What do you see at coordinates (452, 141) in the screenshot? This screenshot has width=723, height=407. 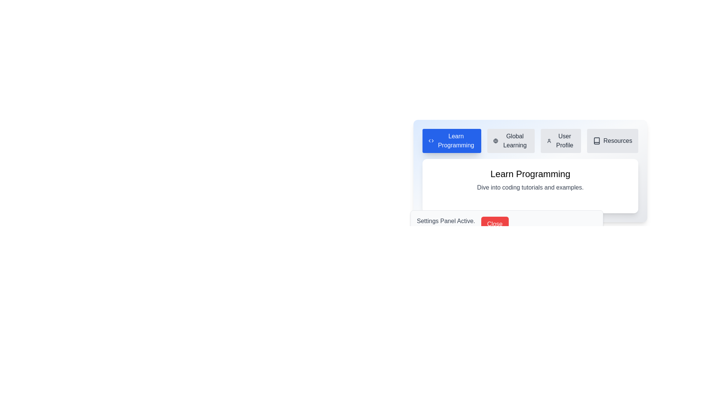 I see `the tab labeled Learn Programming to view its content` at bounding box center [452, 141].